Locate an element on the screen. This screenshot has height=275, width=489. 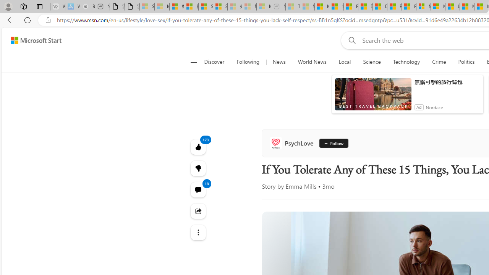
'Wikipedia - Sleeping' is located at coordinates (57, 6).